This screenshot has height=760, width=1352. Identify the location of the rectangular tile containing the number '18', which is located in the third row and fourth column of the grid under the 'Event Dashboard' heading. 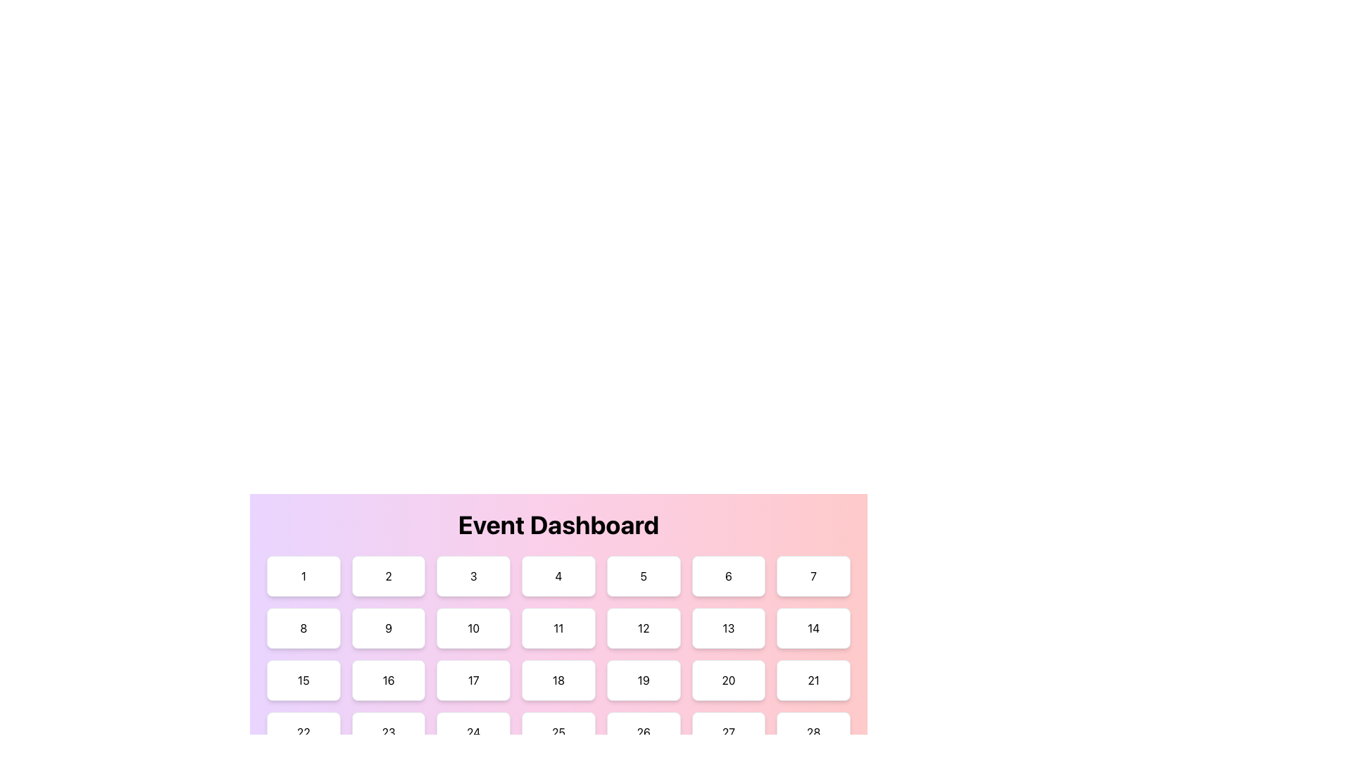
(558, 680).